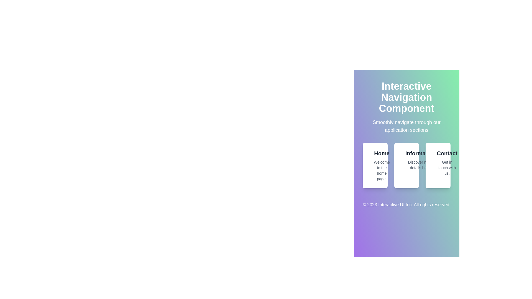 Image resolution: width=532 pixels, height=299 pixels. What do you see at coordinates (447, 162) in the screenshot?
I see `the text element titled 'Contact' which includes the subtext 'Get in touch with us.' by moving the cursor to its center point` at bounding box center [447, 162].